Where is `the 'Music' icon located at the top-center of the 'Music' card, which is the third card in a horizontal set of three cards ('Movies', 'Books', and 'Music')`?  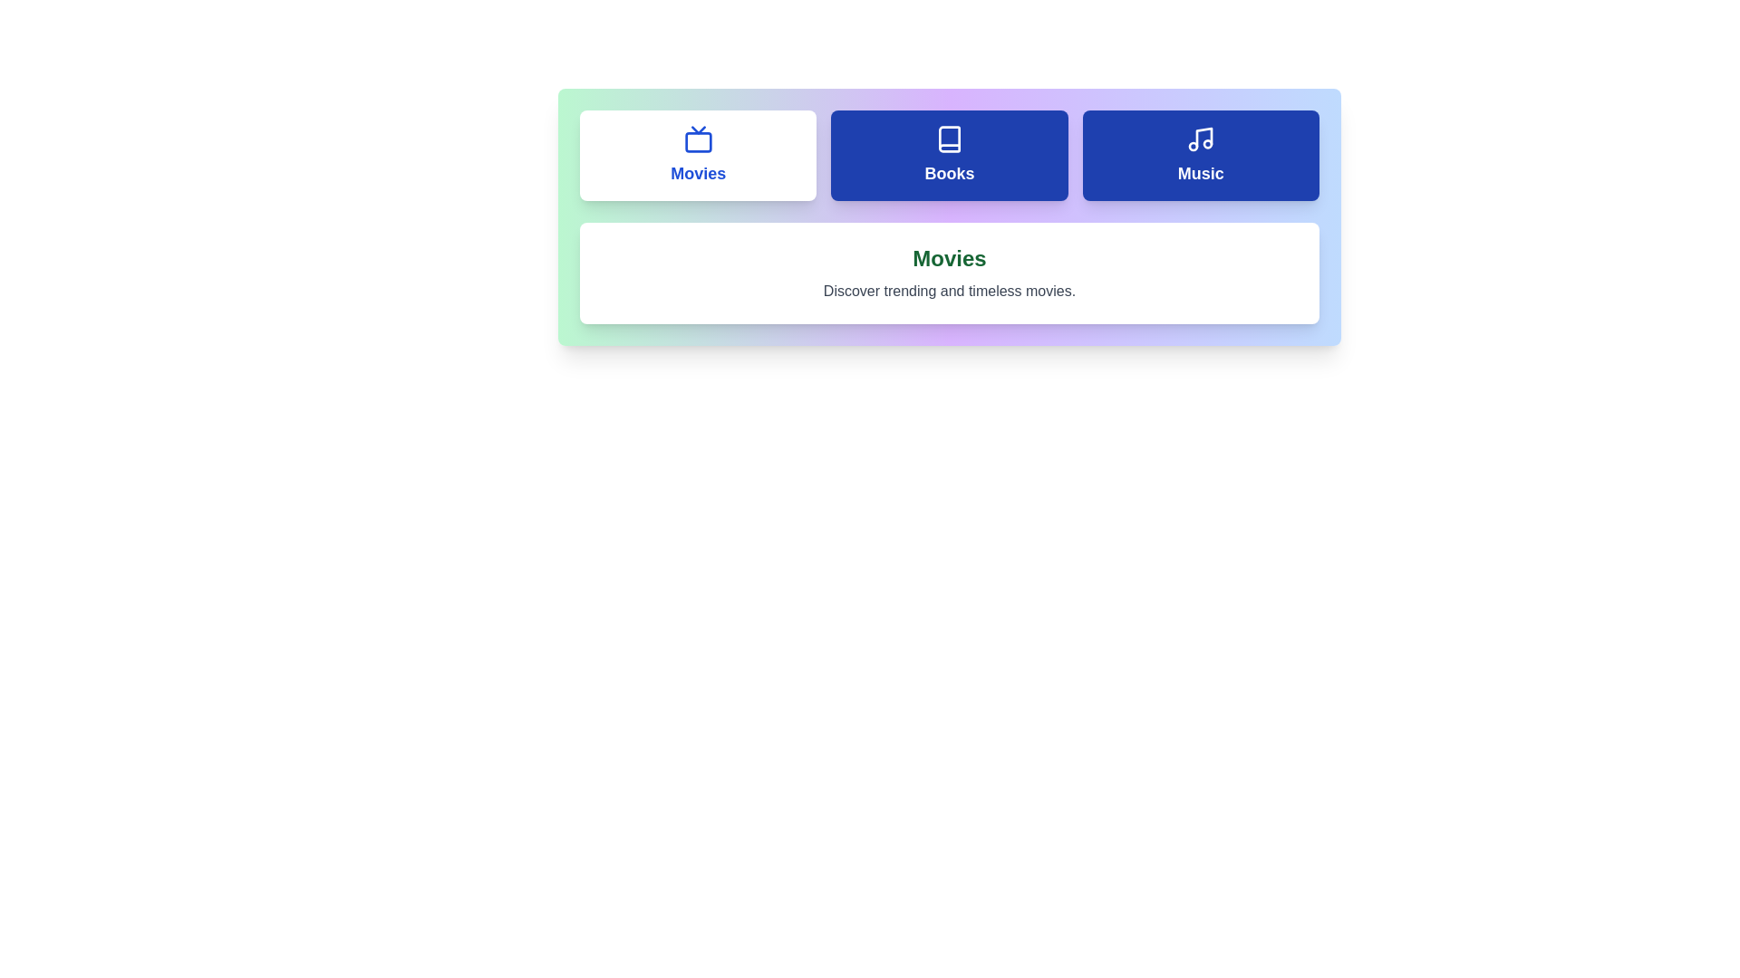
the 'Music' icon located at the top-center of the 'Music' card, which is the third card in a horizontal set of three cards ('Movies', 'Books', and 'Music') is located at coordinates (1201, 139).